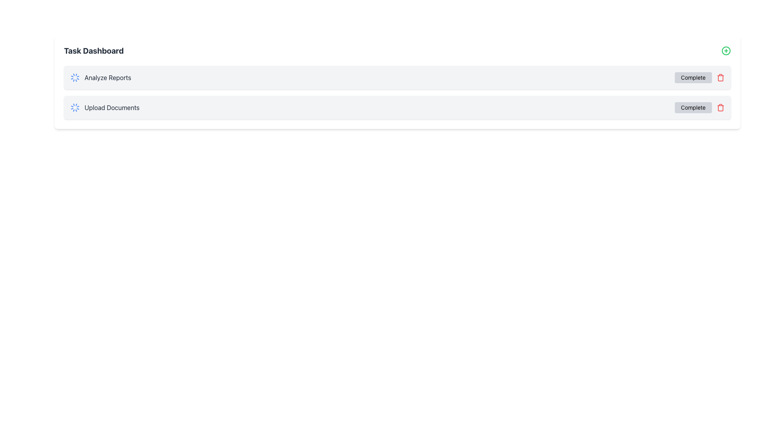  What do you see at coordinates (108, 77) in the screenshot?
I see `the 'Analyze Reports' text label in the 'Task Dashboard' section` at bounding box center [108, 77].